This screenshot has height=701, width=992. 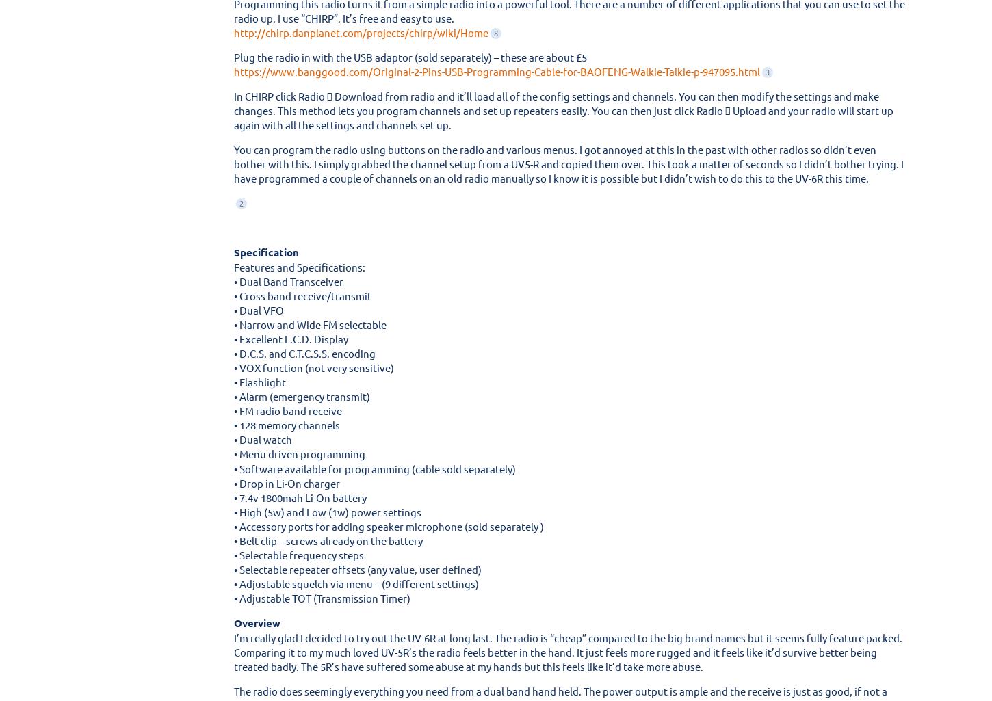 I want to click on '• Selectable repeater offsets (any value, user defined)', so click(x=234, y=568).